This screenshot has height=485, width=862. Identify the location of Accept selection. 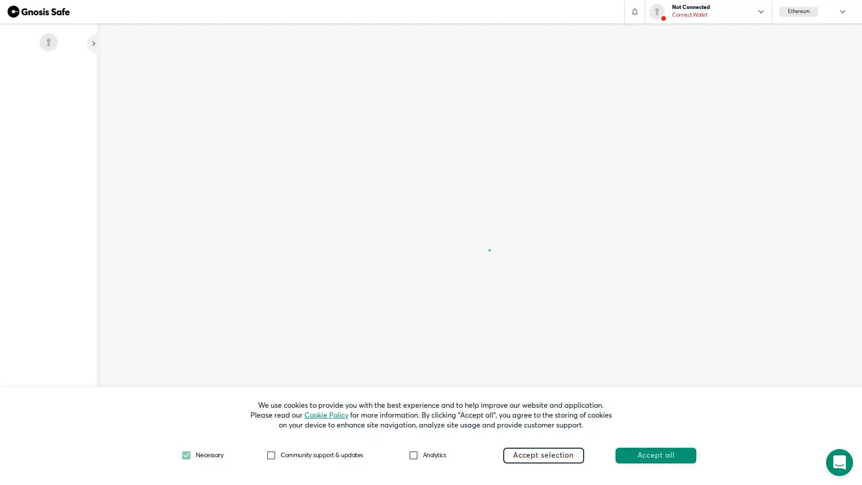
(542, 455).